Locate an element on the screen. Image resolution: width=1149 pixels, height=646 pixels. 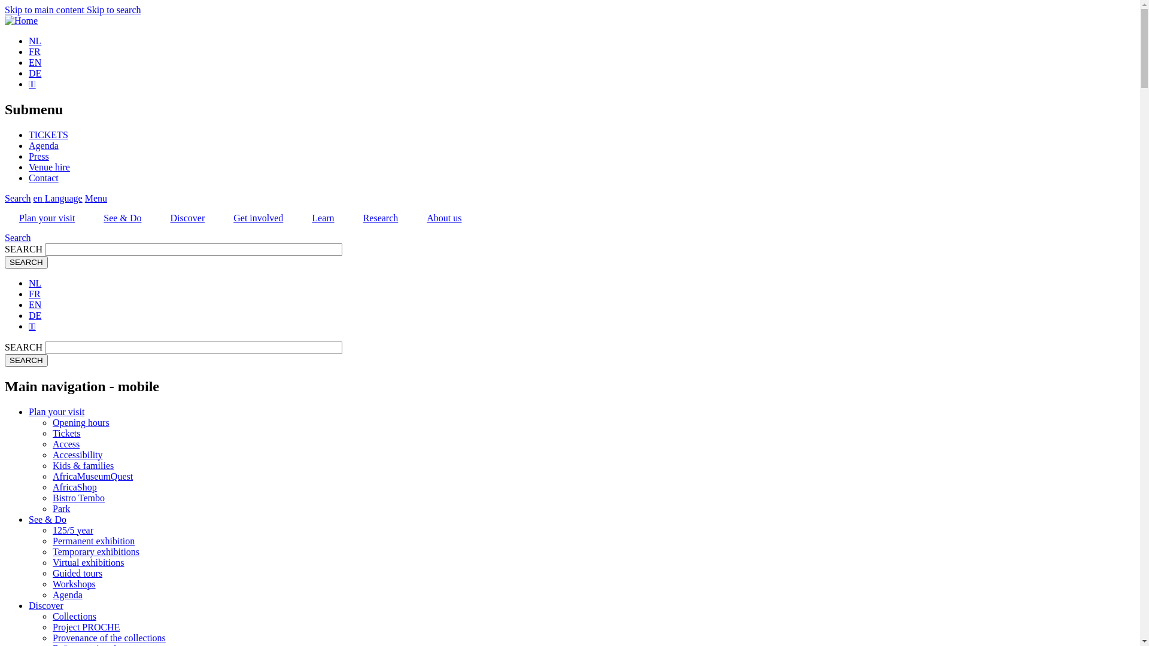
'FR' is located at coordinates (29, 51).